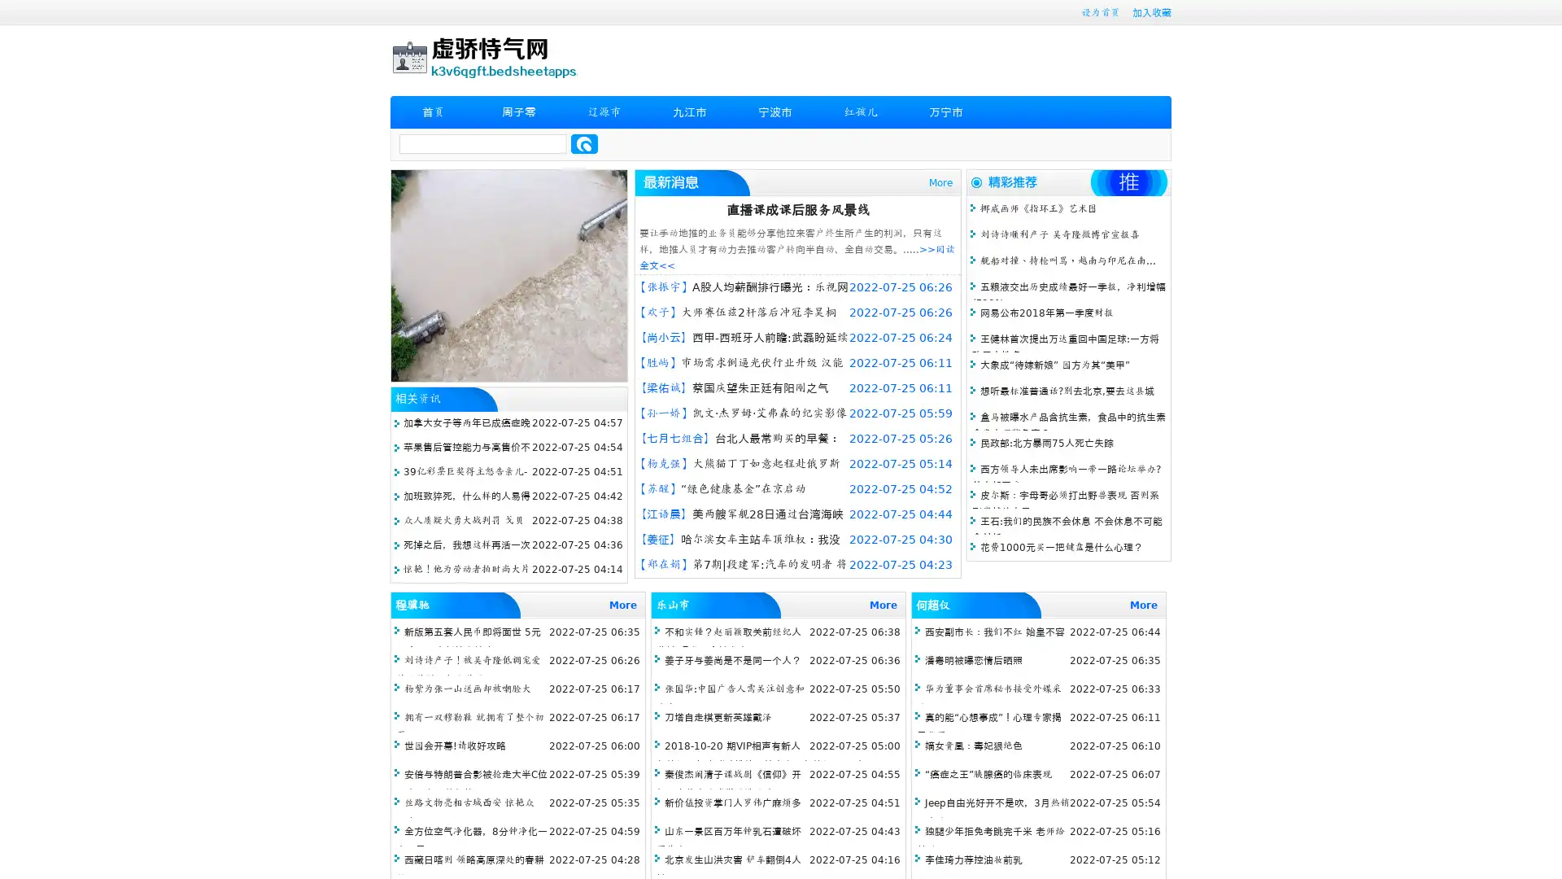  Describe the element at coordinates (584, 143) in the screenshot. I see `Search` at that location.